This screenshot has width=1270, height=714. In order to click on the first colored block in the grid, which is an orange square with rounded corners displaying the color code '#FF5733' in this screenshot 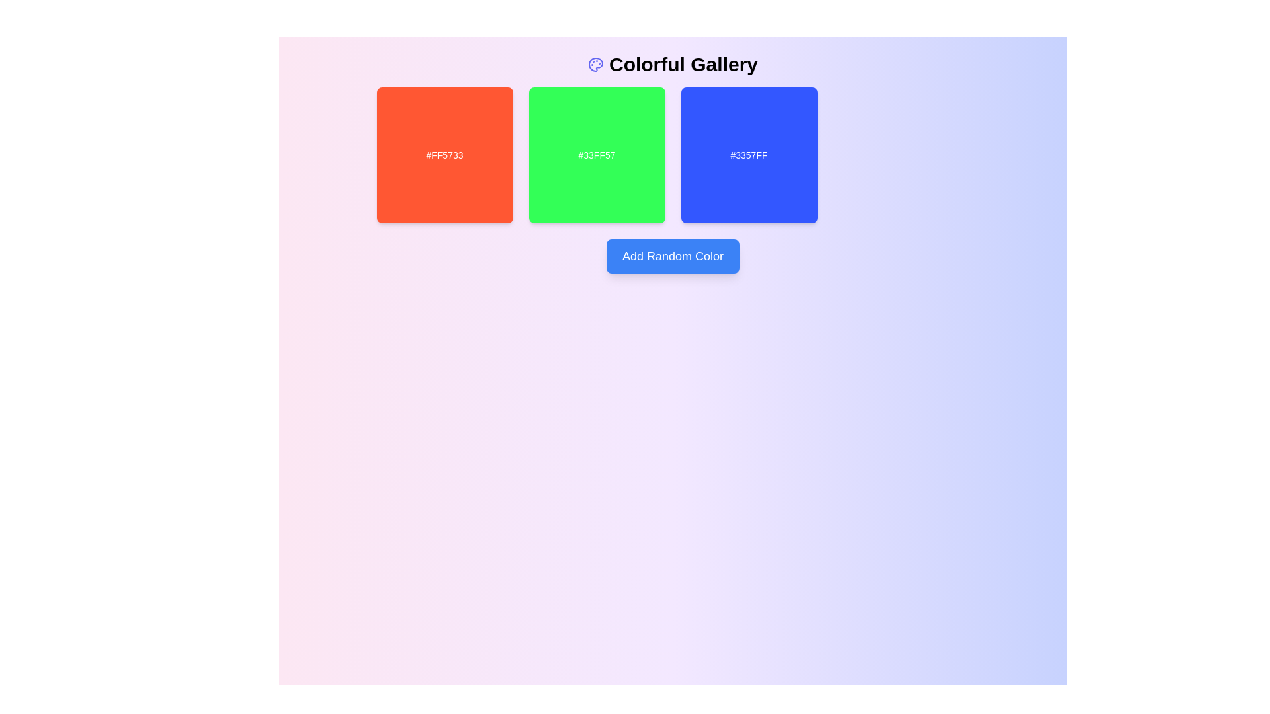, I will do `click(444, 155)`.